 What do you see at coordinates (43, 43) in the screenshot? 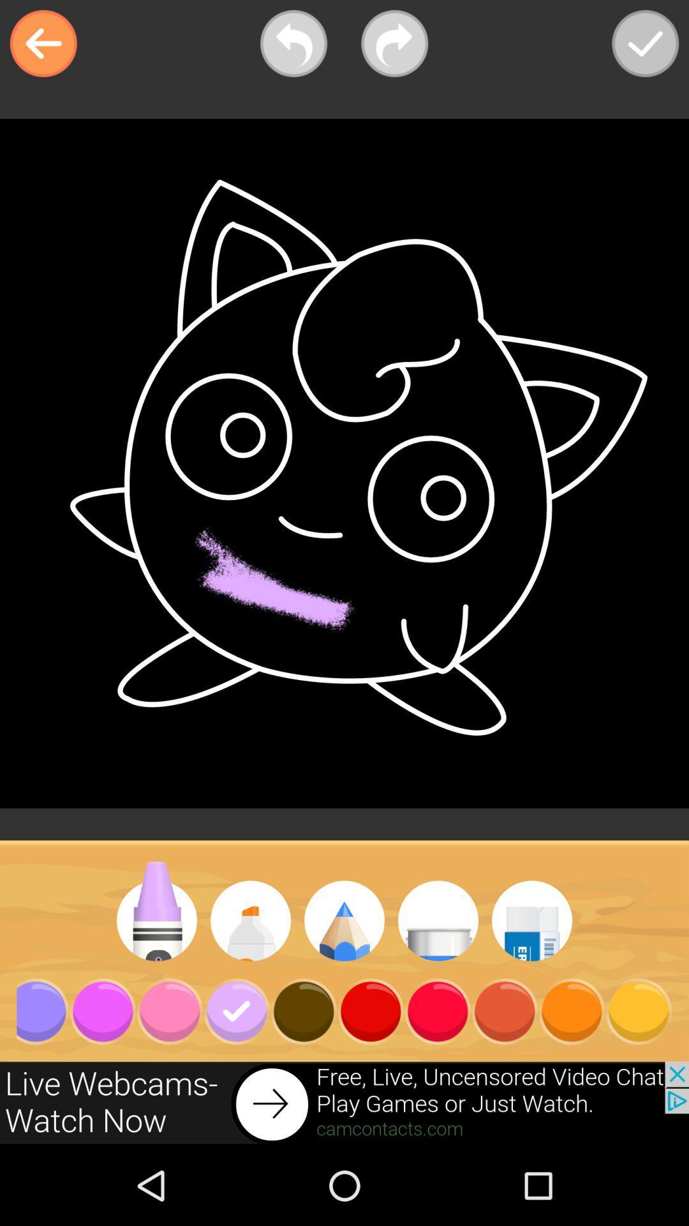
I see `the arrow_backward icon` at bounding box center [43, 43].